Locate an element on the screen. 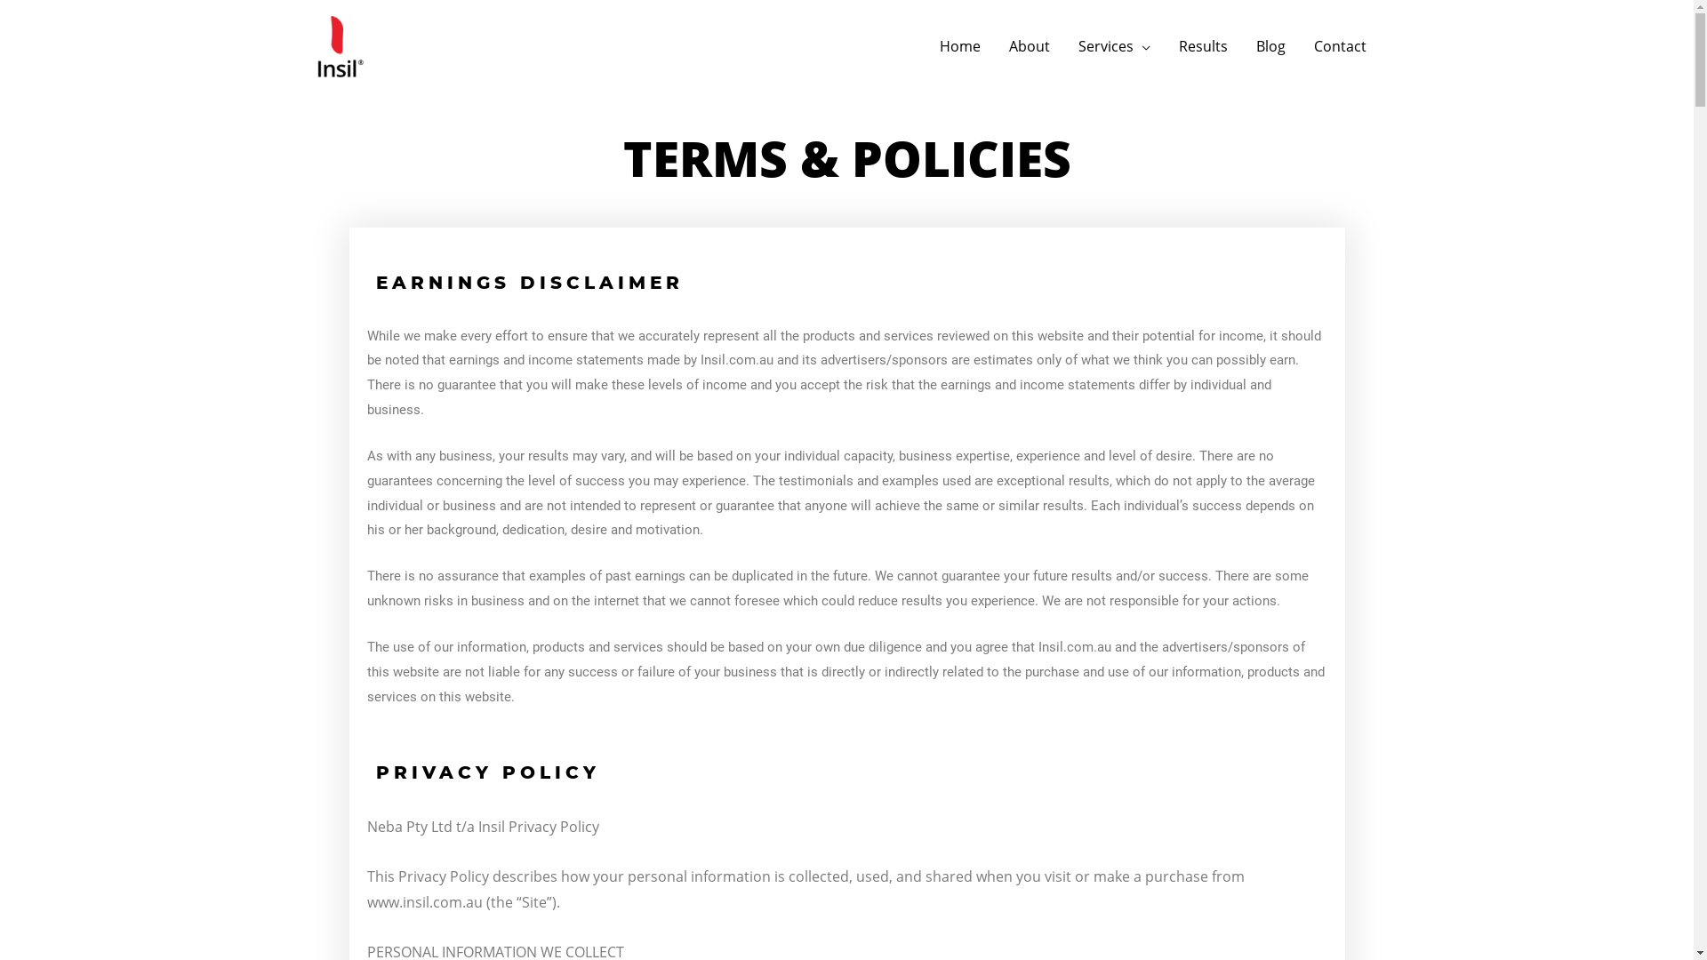 The width and height of the screenshot is (1707, 960). 'Blog' is located at coordinates (1269, 44).